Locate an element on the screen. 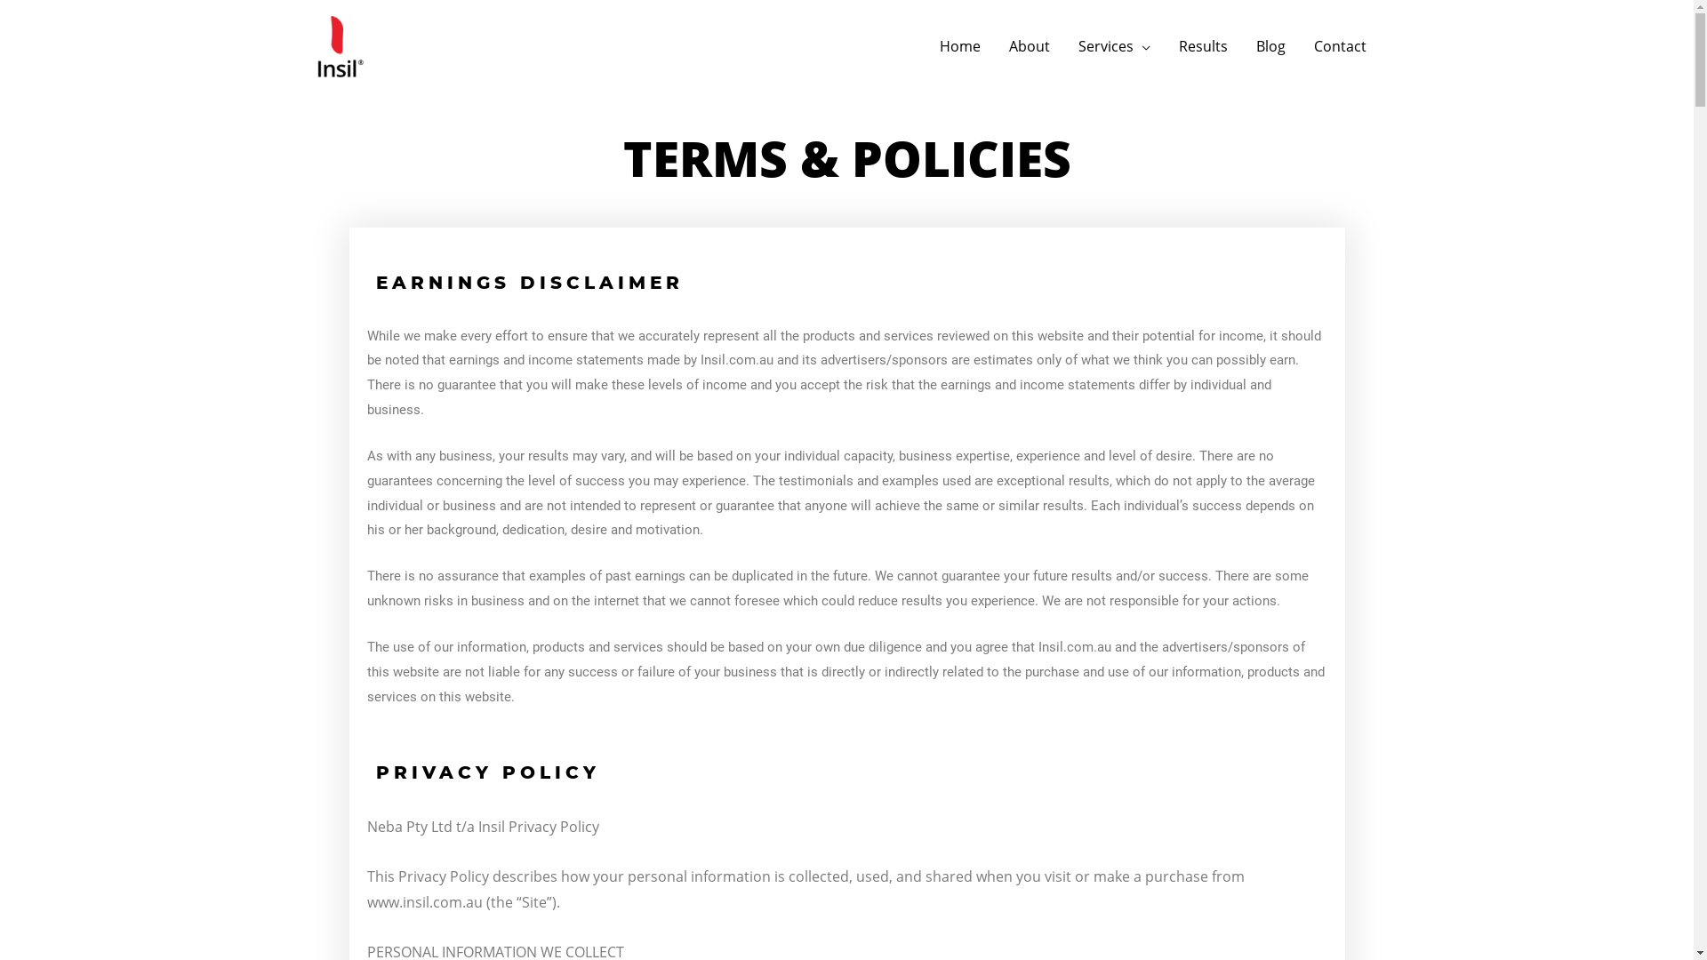 The width and height of the screenshot is (1707, 960). 'Blog' is located at coordinates (1269, 44).